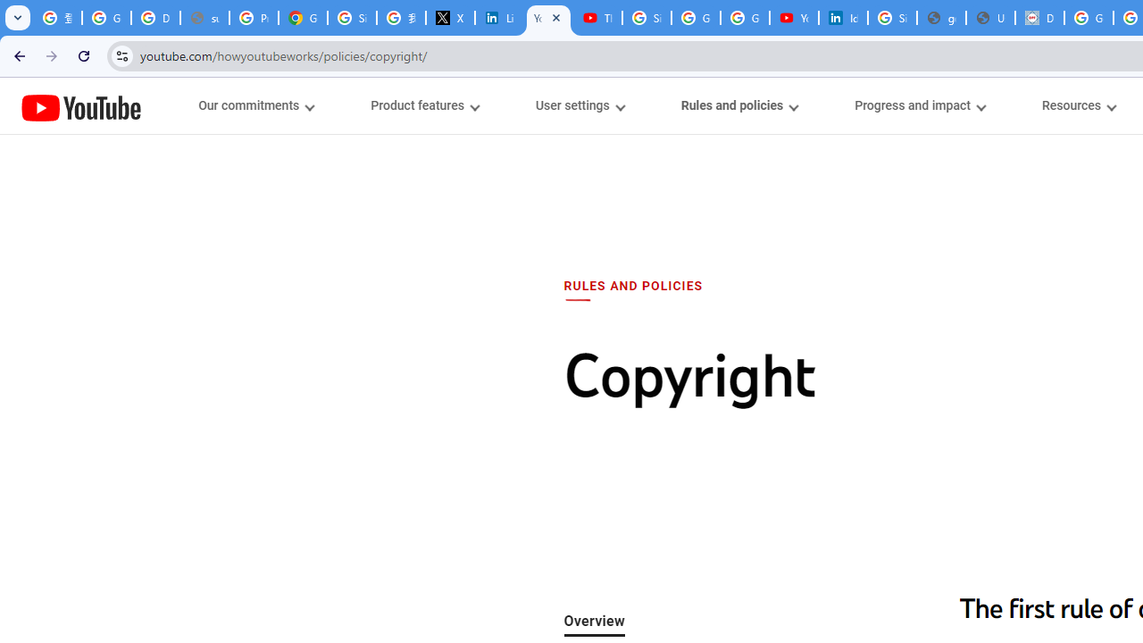 The width and height of the screenshot is (1143, 643). Describe the element at coordinates (940, 18) in the screenshot. I see `'google_privacy_policy_en.pdf'` at that location.